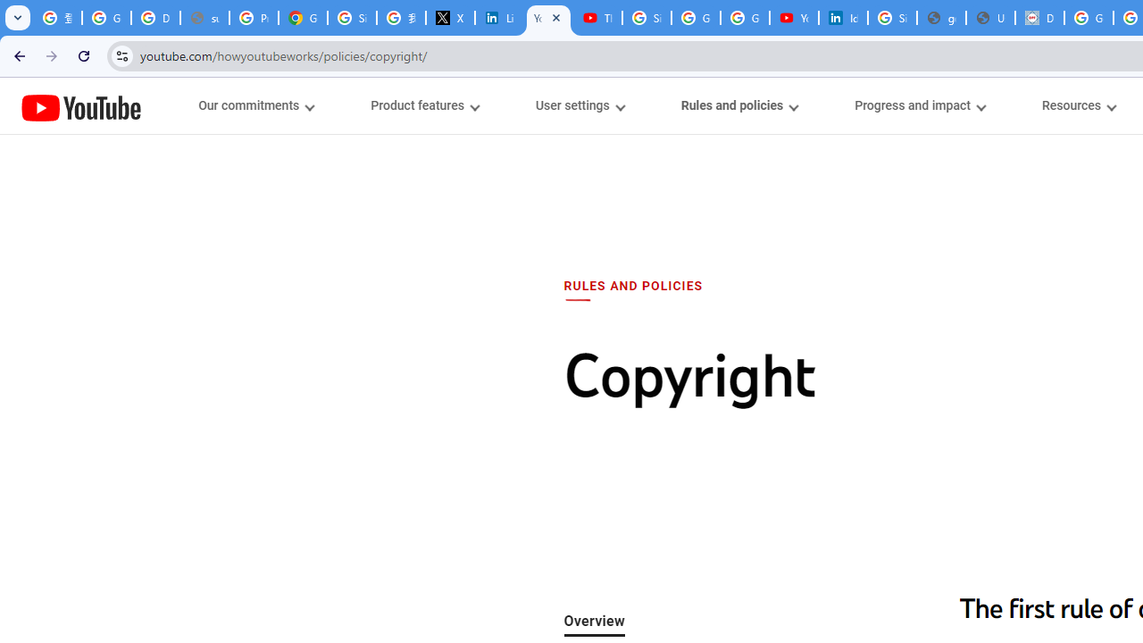 The width and height of the screenshot is (1143, 643). Describe the element at coordinates (940, 18) in the screenshot. I see `'google_privacy_policy_en.pdf'` at that location.